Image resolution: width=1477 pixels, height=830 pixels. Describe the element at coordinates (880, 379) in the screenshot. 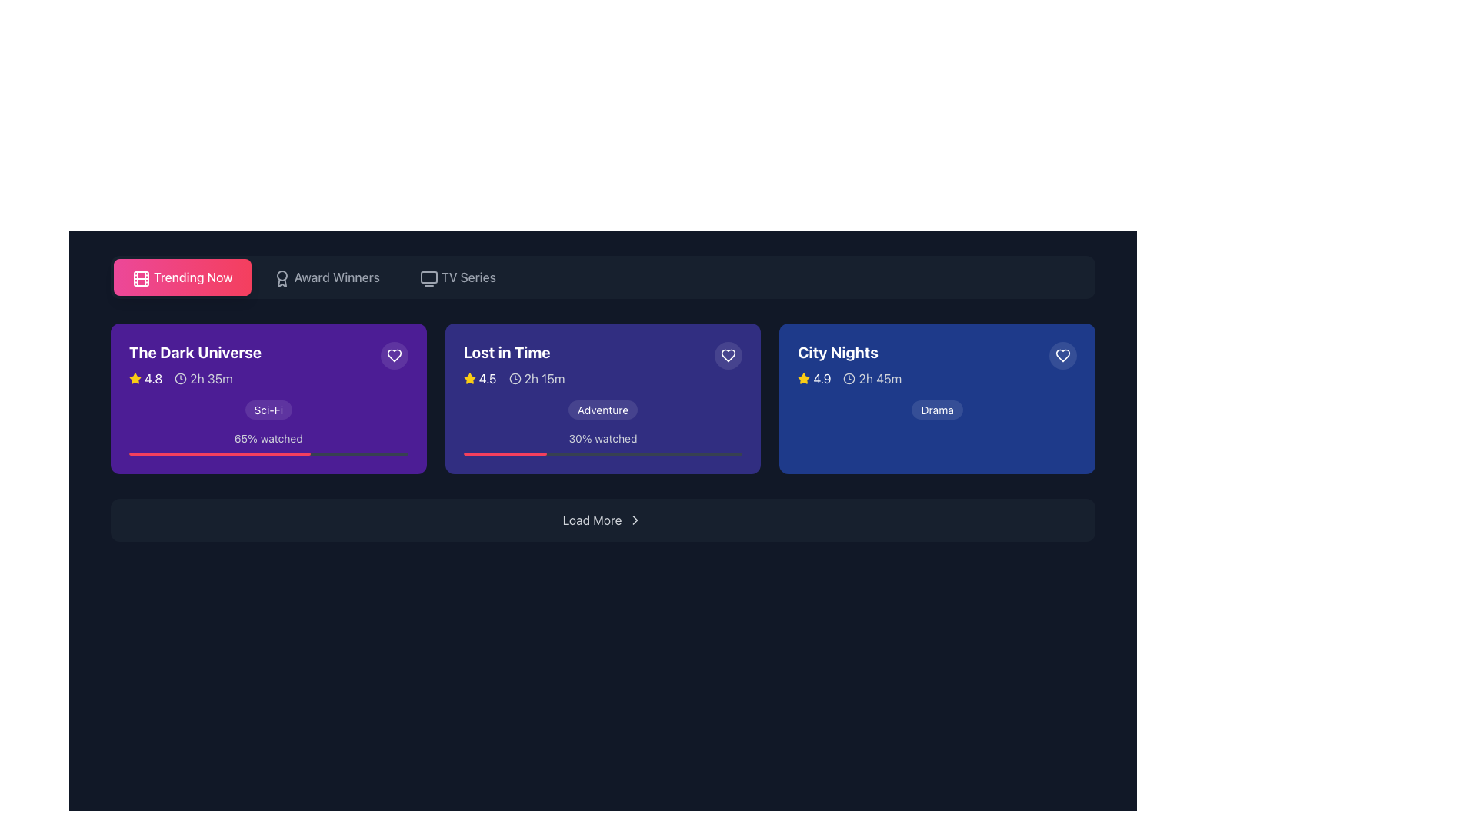

I see `the Text Label indicating the runtime of the related content item in the 'City Nights' section, located in the third card from the left in the second row, adjacent to the rating (4.9) and clock icon` at that location.